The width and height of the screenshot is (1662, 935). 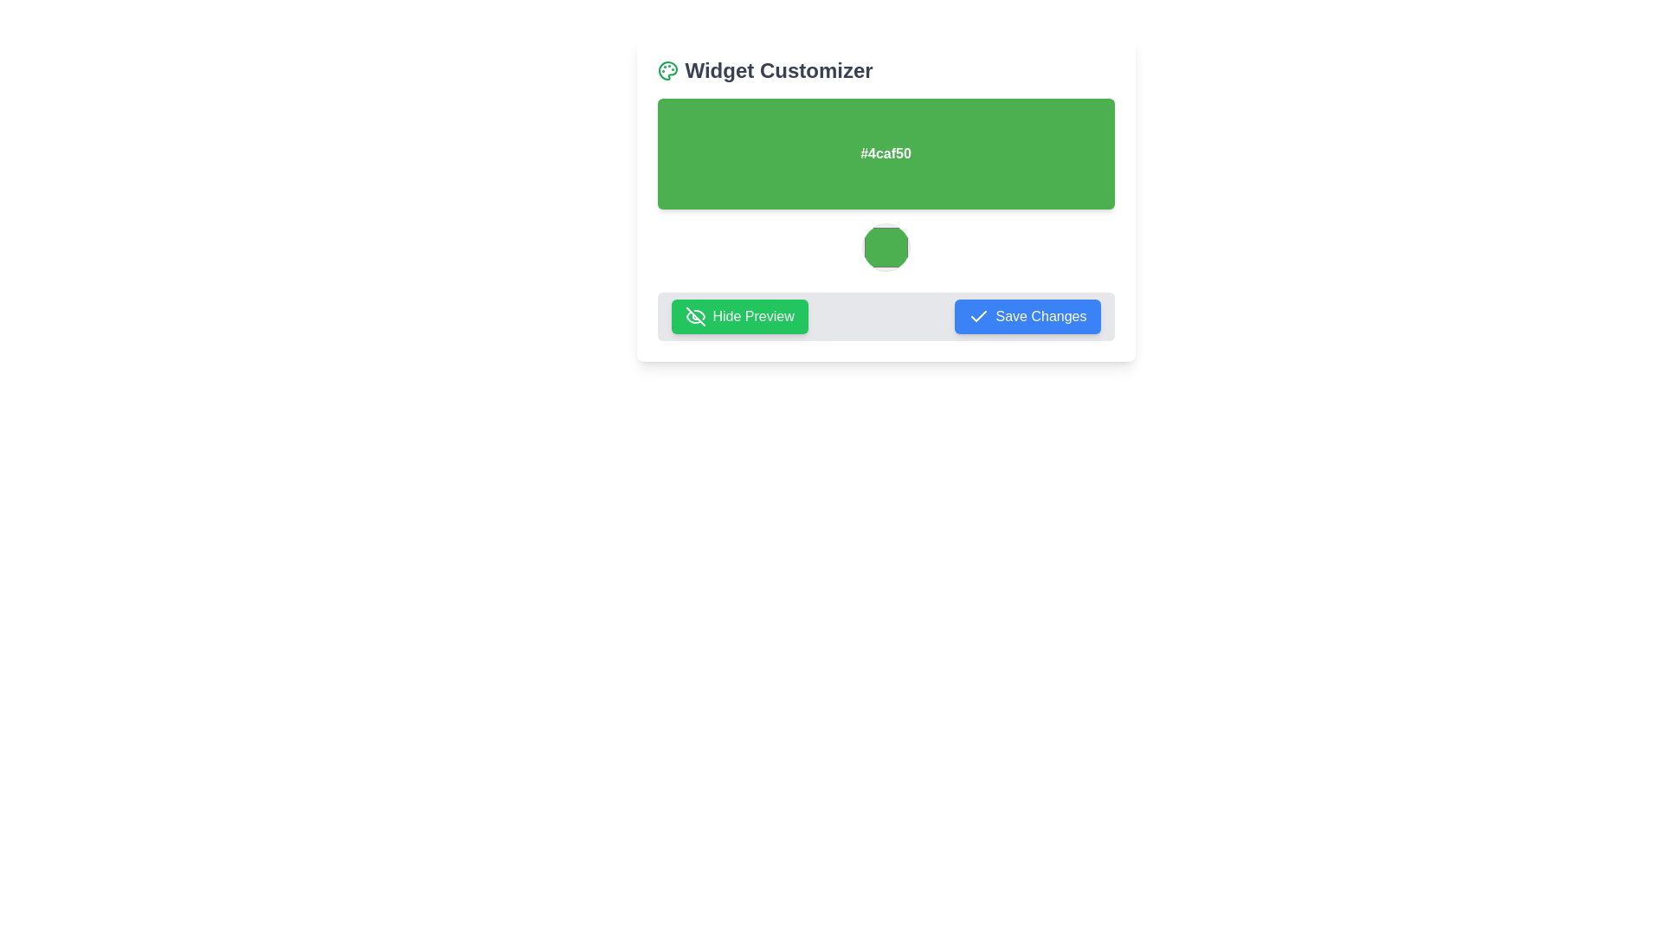 What do you see at coordinates (978, 316) in the screenshot?
I see `the checkmark icon positioned within a square space, located slightly above the 'Save Changes' button on the right-hand side of the layout` at bounding box center [978, 316].